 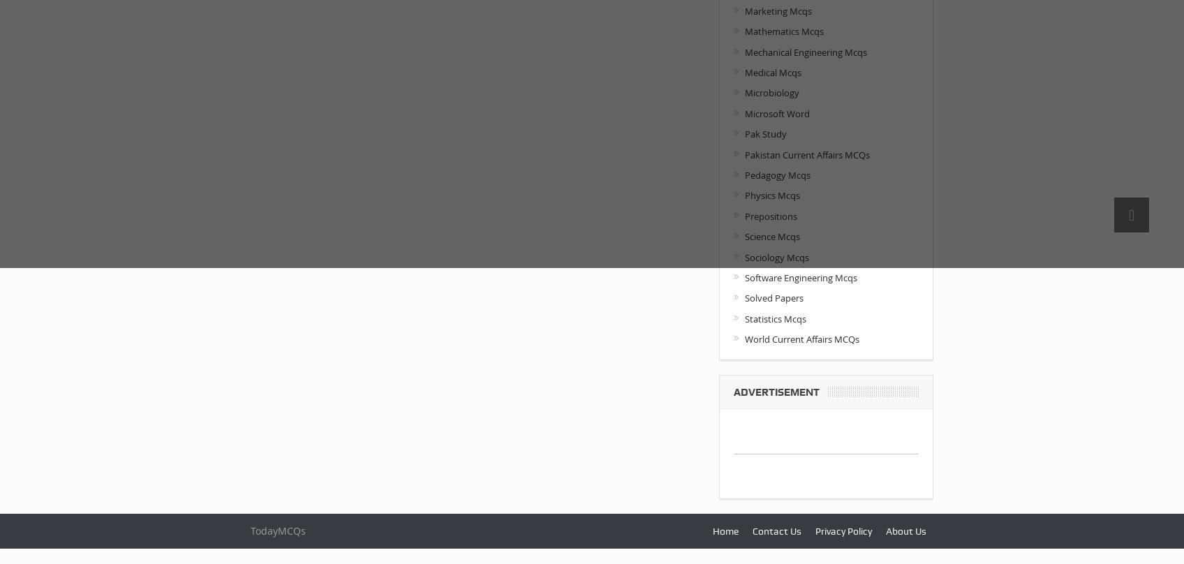 What do you see at coordinates (776, 112) in the screenshot?
I see `'Microsoft Word'` at bounding box center [776, 112].